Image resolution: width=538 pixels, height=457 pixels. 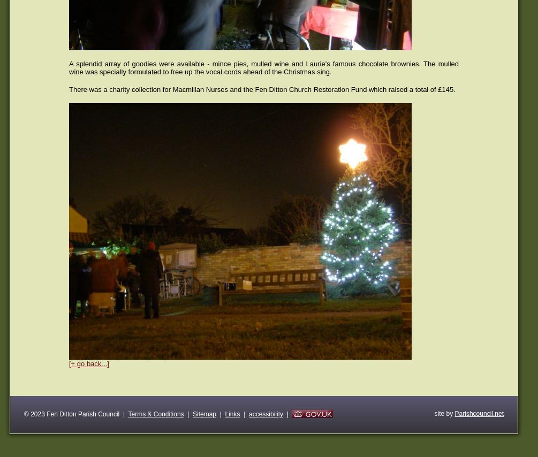 I want to click on '[+ go back...]', so click(x=89, y=363).